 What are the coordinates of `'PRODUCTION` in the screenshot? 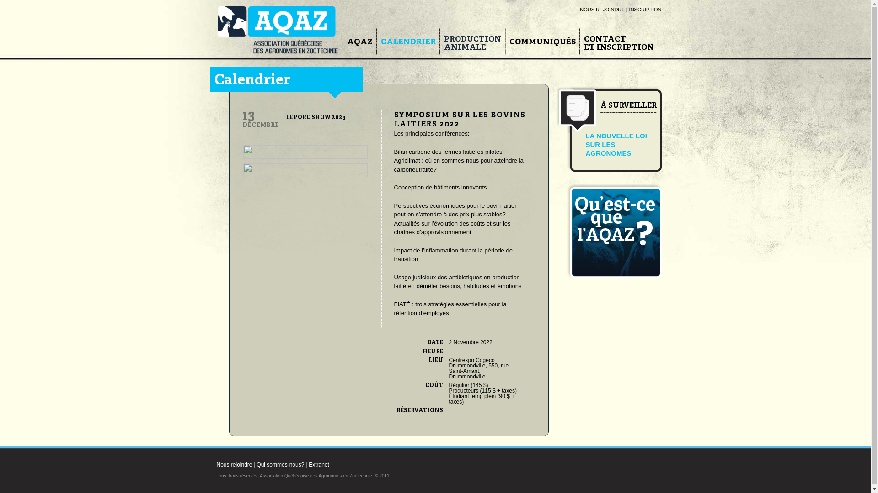 It's located at (472, 43).